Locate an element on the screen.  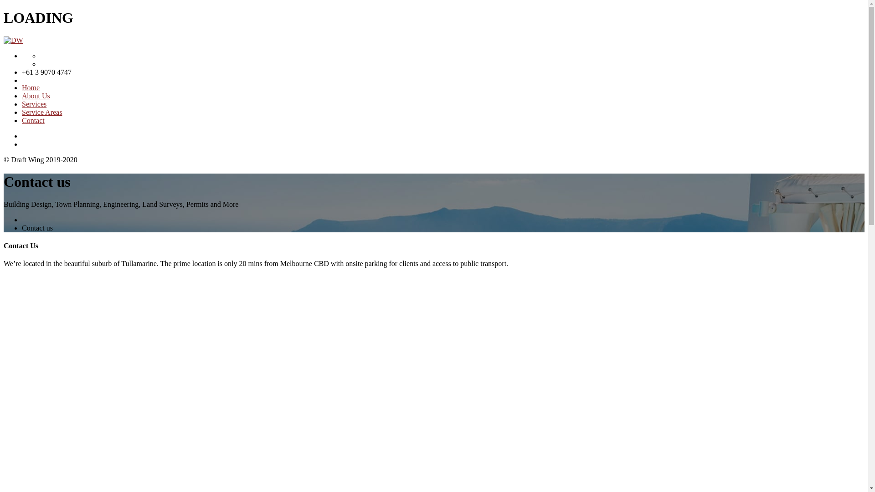
'Services' is located at coordinates (34, 103).